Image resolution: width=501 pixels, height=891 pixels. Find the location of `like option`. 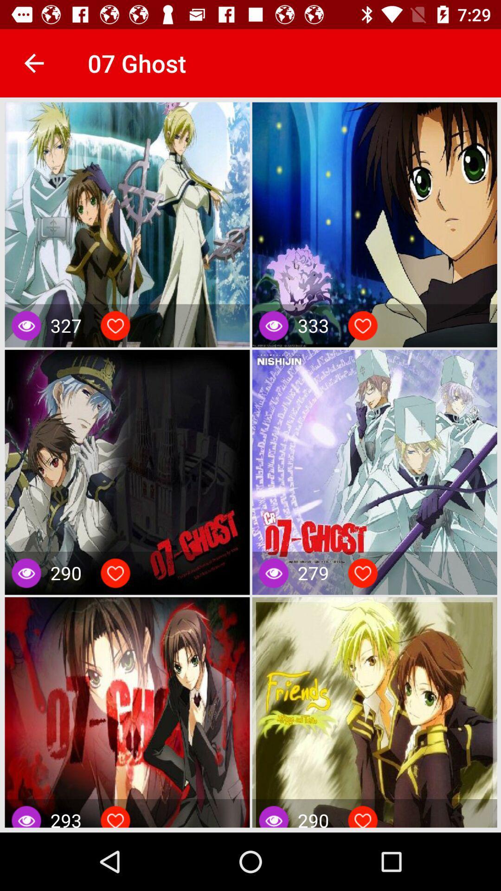

like option is located at coordinates (362, 819).